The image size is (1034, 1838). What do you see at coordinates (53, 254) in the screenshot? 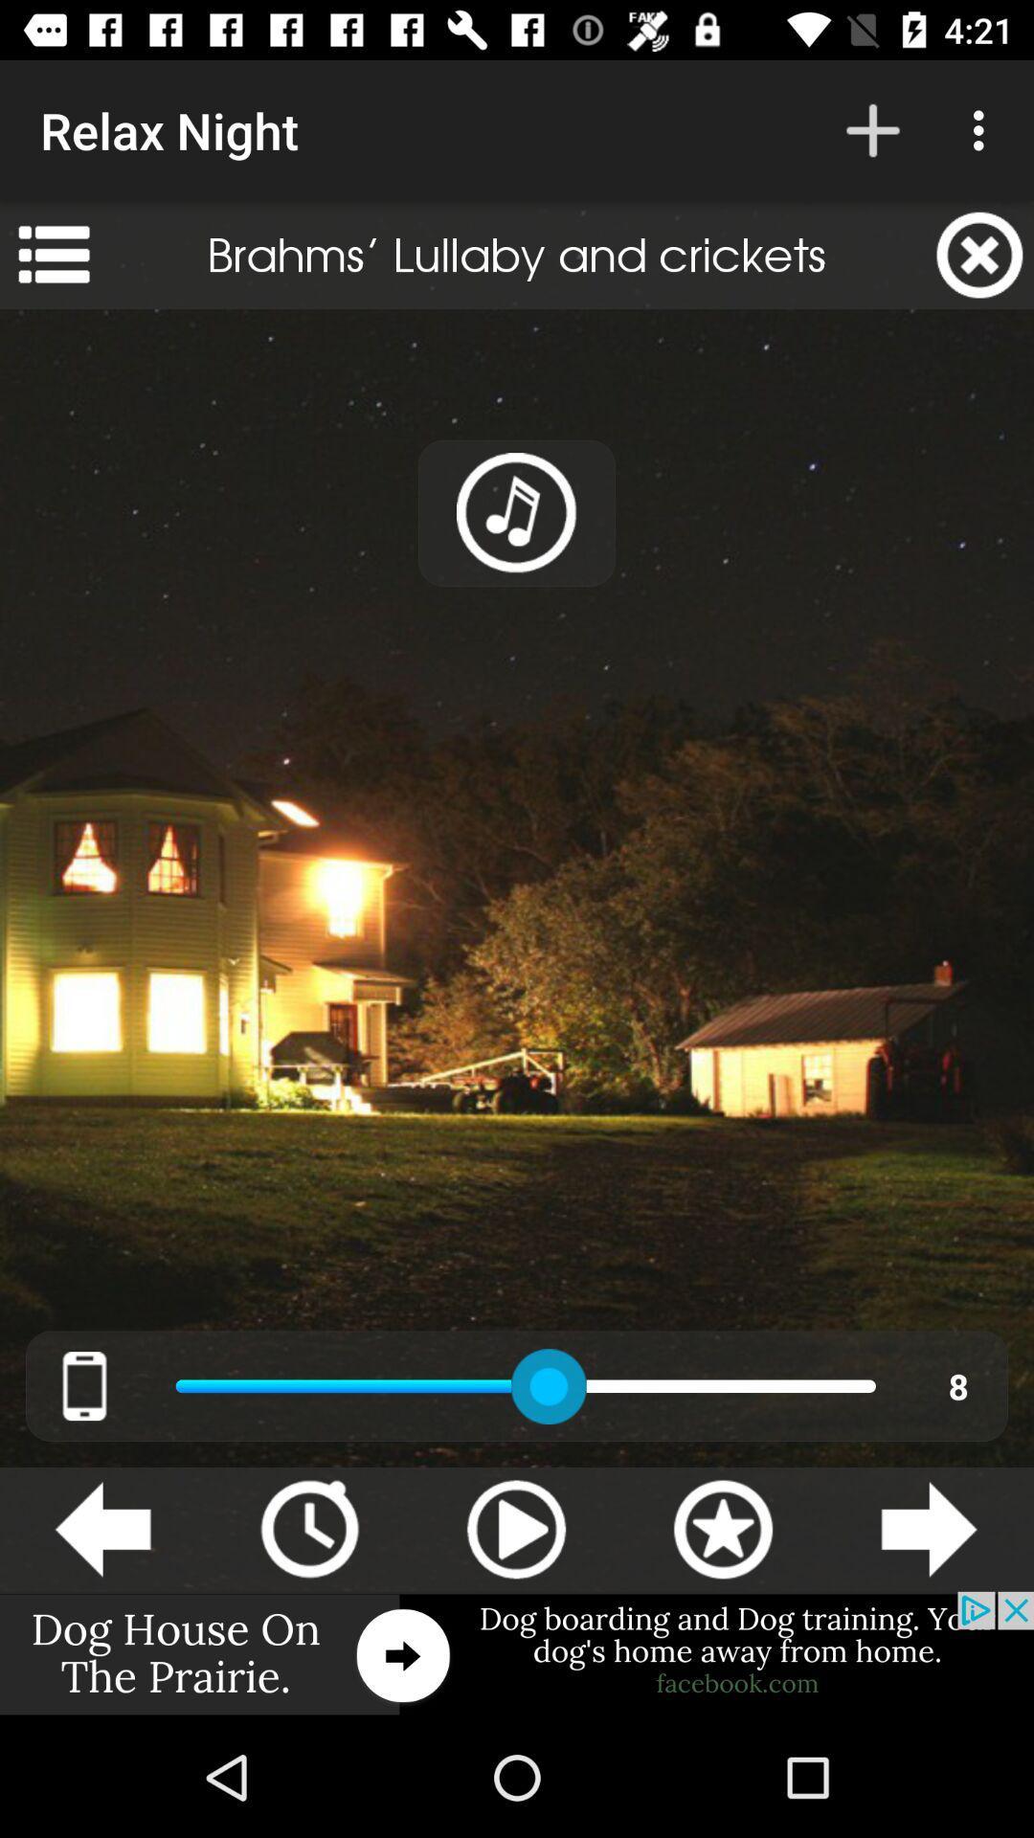
I see `the icon below the relax night item` at bounding box center [53, 254].